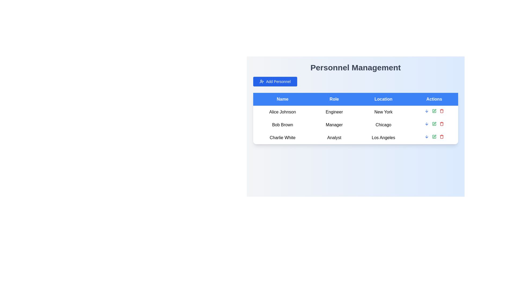 This screenshot has width=515, height=289. What do you see at coordinates (435, 123) in the screenshot?
I see `the pen icon representing the edit functionality for 'Bob Brown, Manager, Chicago'` at bounding box center [435, 123].